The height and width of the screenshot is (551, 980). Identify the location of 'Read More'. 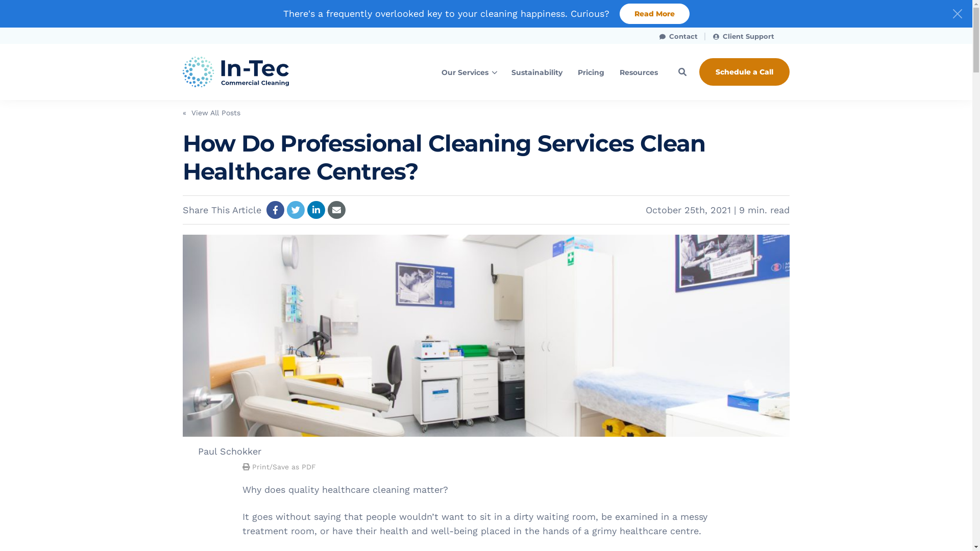
(619, 14).